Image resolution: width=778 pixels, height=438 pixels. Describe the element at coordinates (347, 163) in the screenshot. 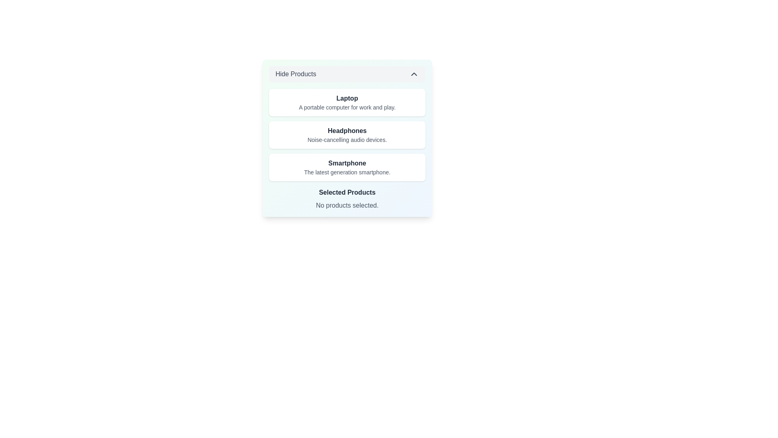

I see `the title label that indicates the type of product described in the section below, positioned above the description text 'The latest generation smartphone.'` at that location.